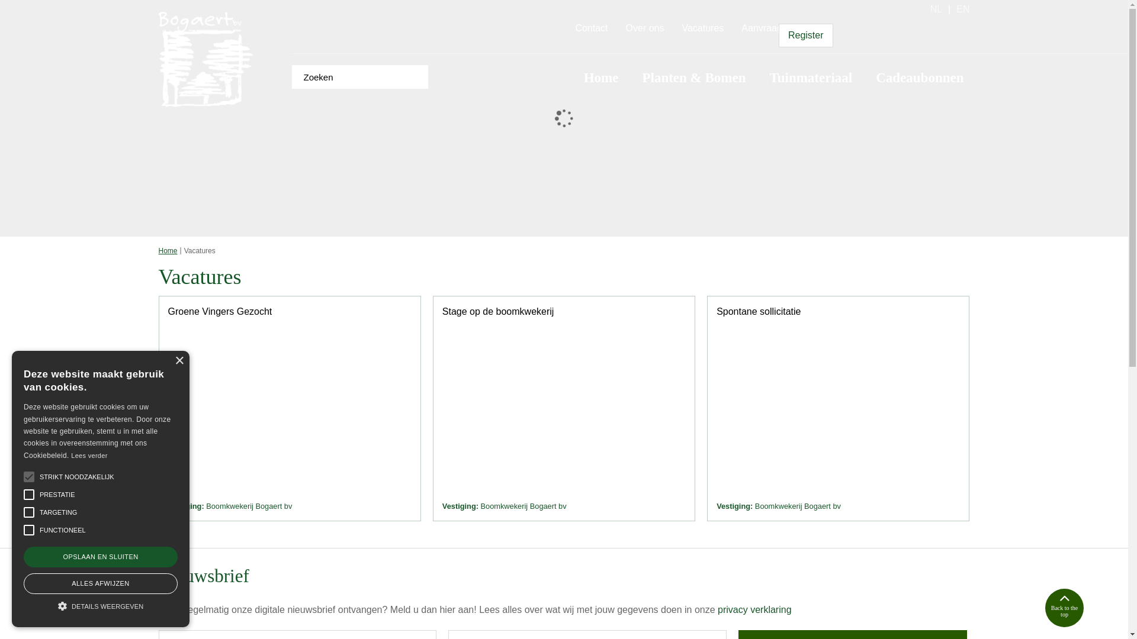 The height and width of the screenshot is (639, 1137). Describe the element at coordinates (753, 609) in the screenshot. I see `'privacy verklaring'` at that location.